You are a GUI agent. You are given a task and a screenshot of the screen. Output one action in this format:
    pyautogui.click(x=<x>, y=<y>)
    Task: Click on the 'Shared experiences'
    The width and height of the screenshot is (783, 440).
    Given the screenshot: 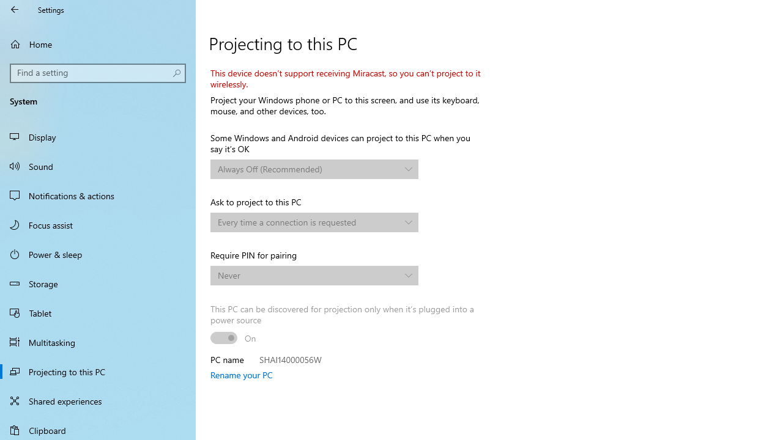 What is the action you would take?
    pyautogui.click(x=98, y=400)
    